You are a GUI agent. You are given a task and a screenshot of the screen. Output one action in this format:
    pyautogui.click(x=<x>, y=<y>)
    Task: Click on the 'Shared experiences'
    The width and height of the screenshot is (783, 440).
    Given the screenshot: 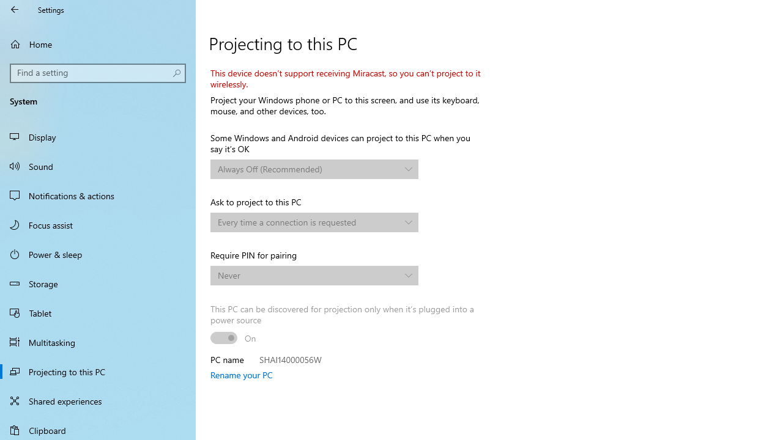 What is the action you would take?
    pyautogui.click(x=98, y=400)
    